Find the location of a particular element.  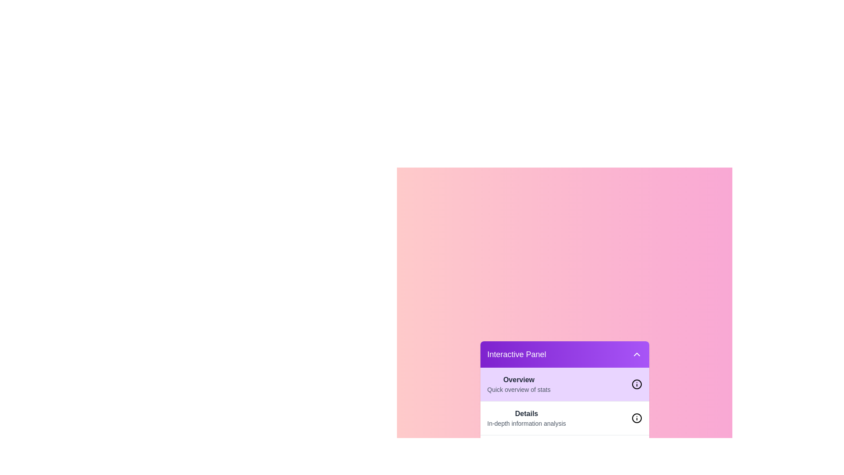

the menu item Details from the options available is located at coordinates (527, 418).